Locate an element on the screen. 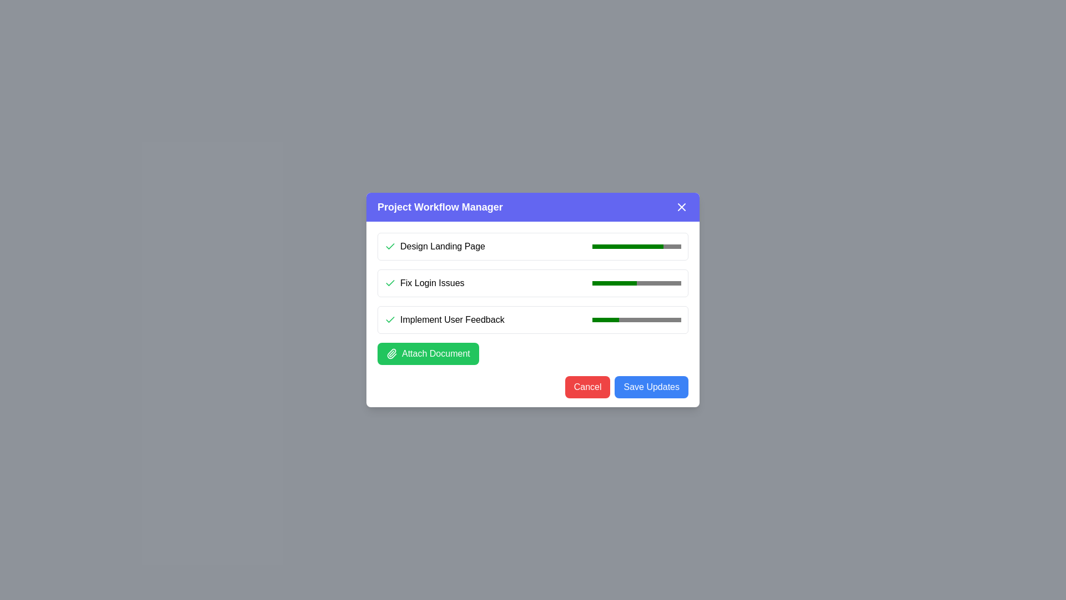  the checkmark icon indicating the status of the 'Fix Login Issues' task, which is located to the left of the text label in a vertical list is located at coordinates (390, 282).